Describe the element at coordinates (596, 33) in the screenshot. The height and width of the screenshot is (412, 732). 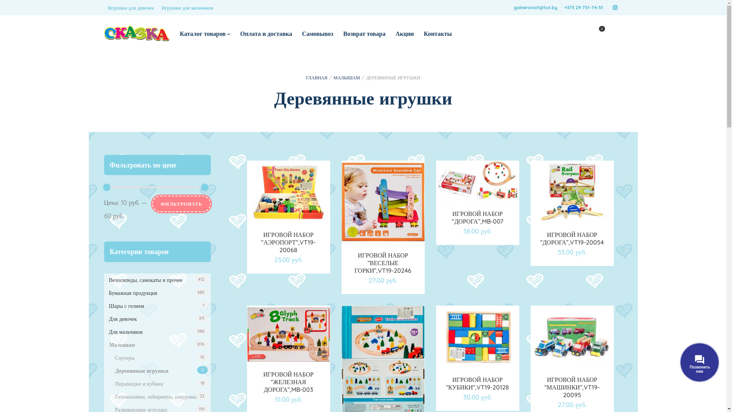
I see `'0'` at that location.